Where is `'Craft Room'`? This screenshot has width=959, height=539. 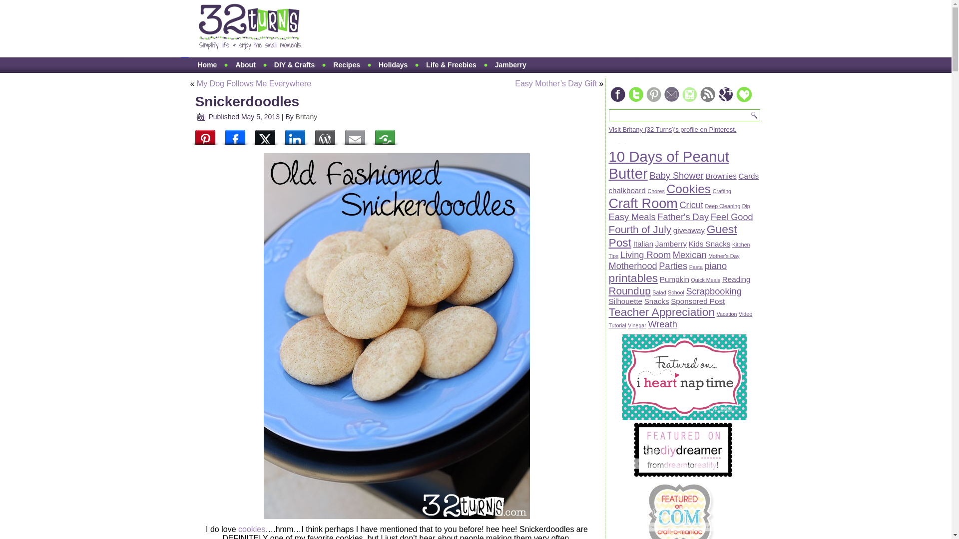
'Craft Room' is located at coordinates (642, 203).